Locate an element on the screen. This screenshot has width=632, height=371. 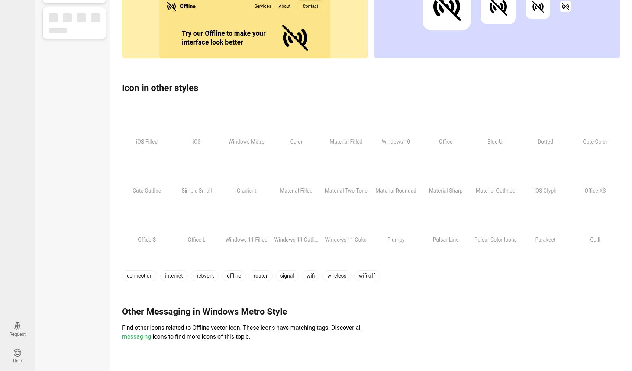
'Try our Offline to make your interface look better' is located at coordinates (223, 37).